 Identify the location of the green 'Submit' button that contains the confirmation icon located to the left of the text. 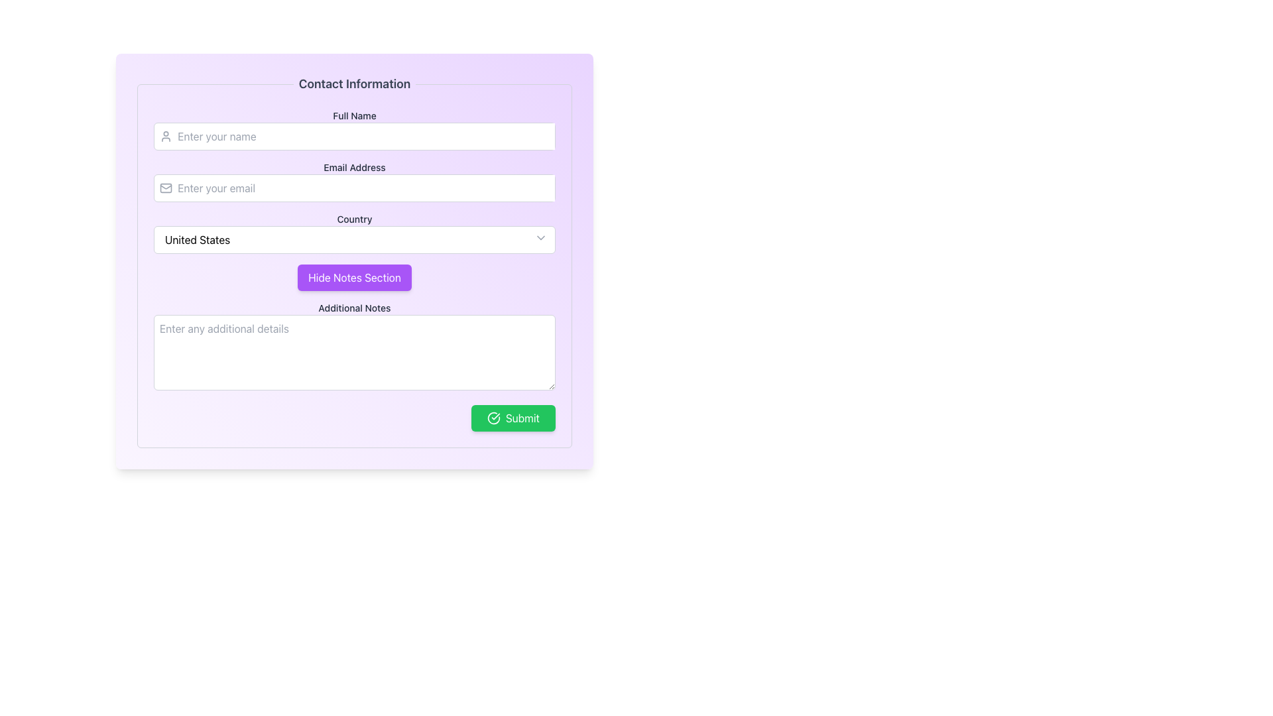
(493, 418).